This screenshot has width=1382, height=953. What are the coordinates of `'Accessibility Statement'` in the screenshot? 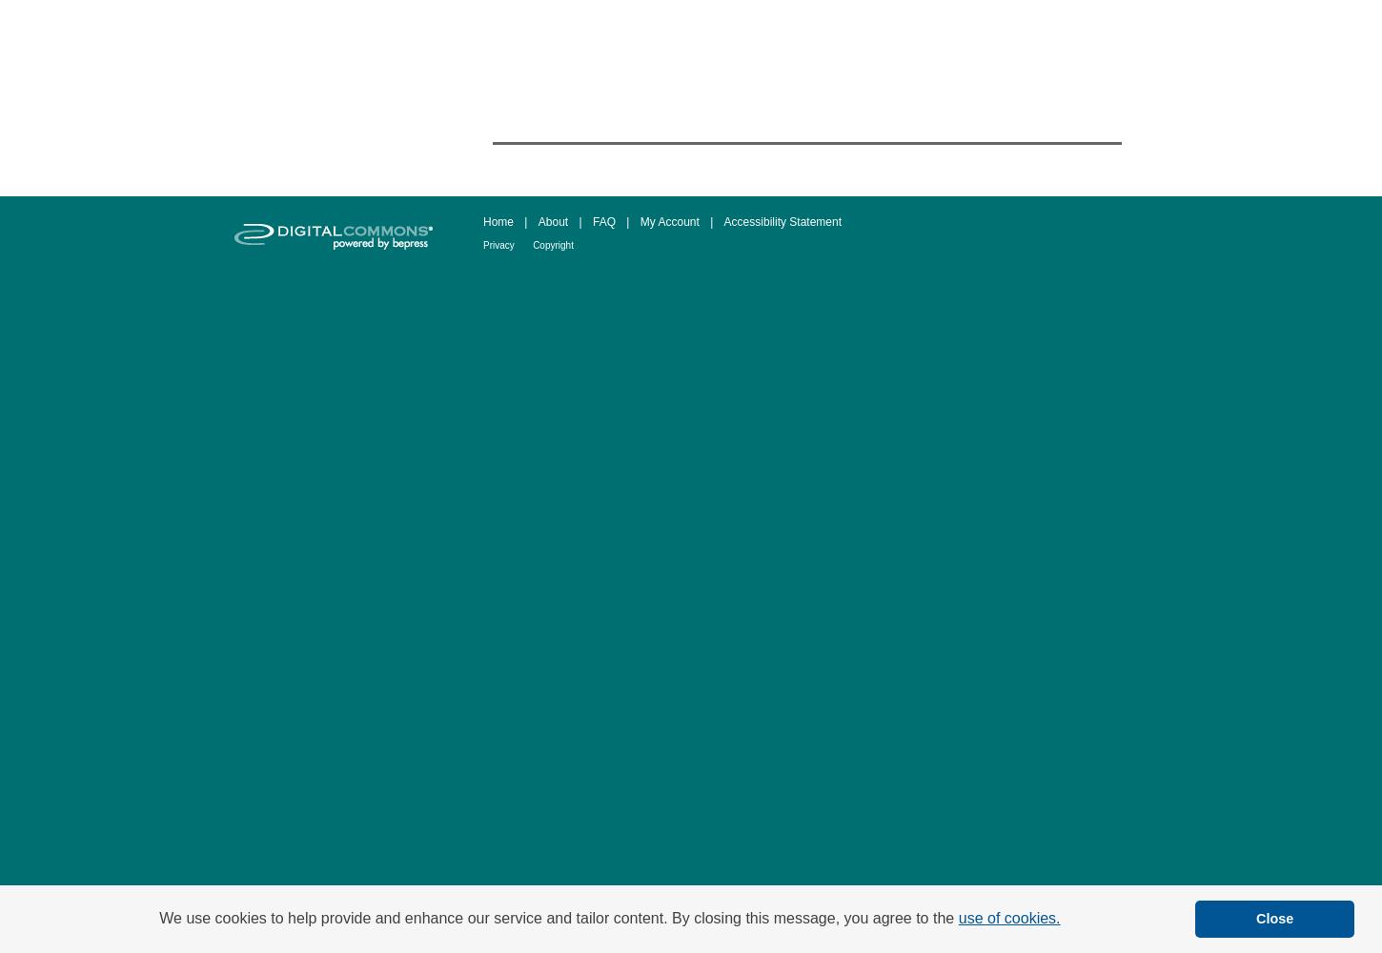 It's located at (782, 221).